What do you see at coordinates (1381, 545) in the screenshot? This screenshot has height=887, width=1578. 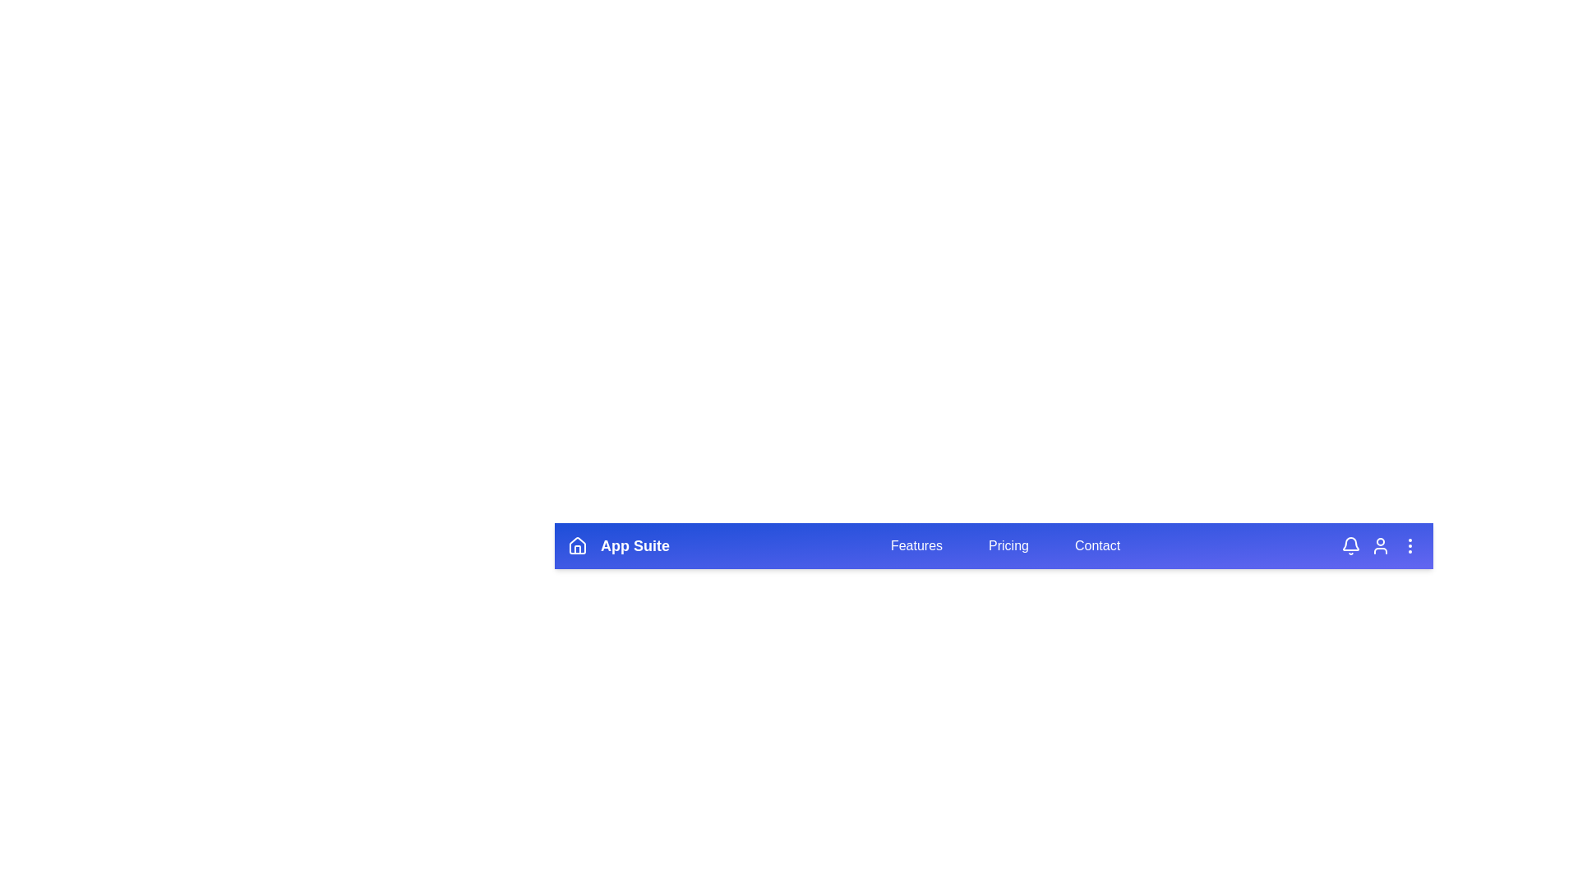 I see `the user icon to open the user profile options` at bounding box center [1381, 545].